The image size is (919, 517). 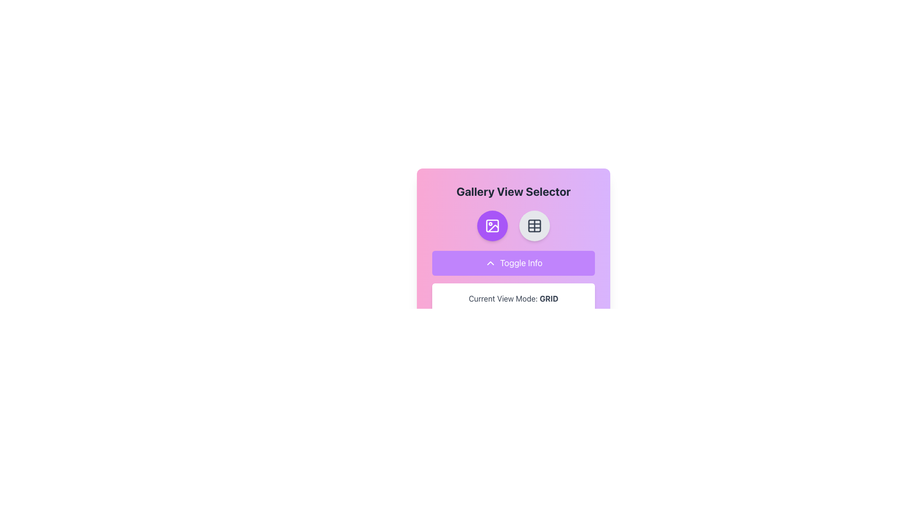 What do you see at coordinates (513, 298) in the screenshot?
I see `the Text Label indicating the current view mode, which is 'GRID', located below the 'Toggle Info' button` at bounding box center [513, 298].